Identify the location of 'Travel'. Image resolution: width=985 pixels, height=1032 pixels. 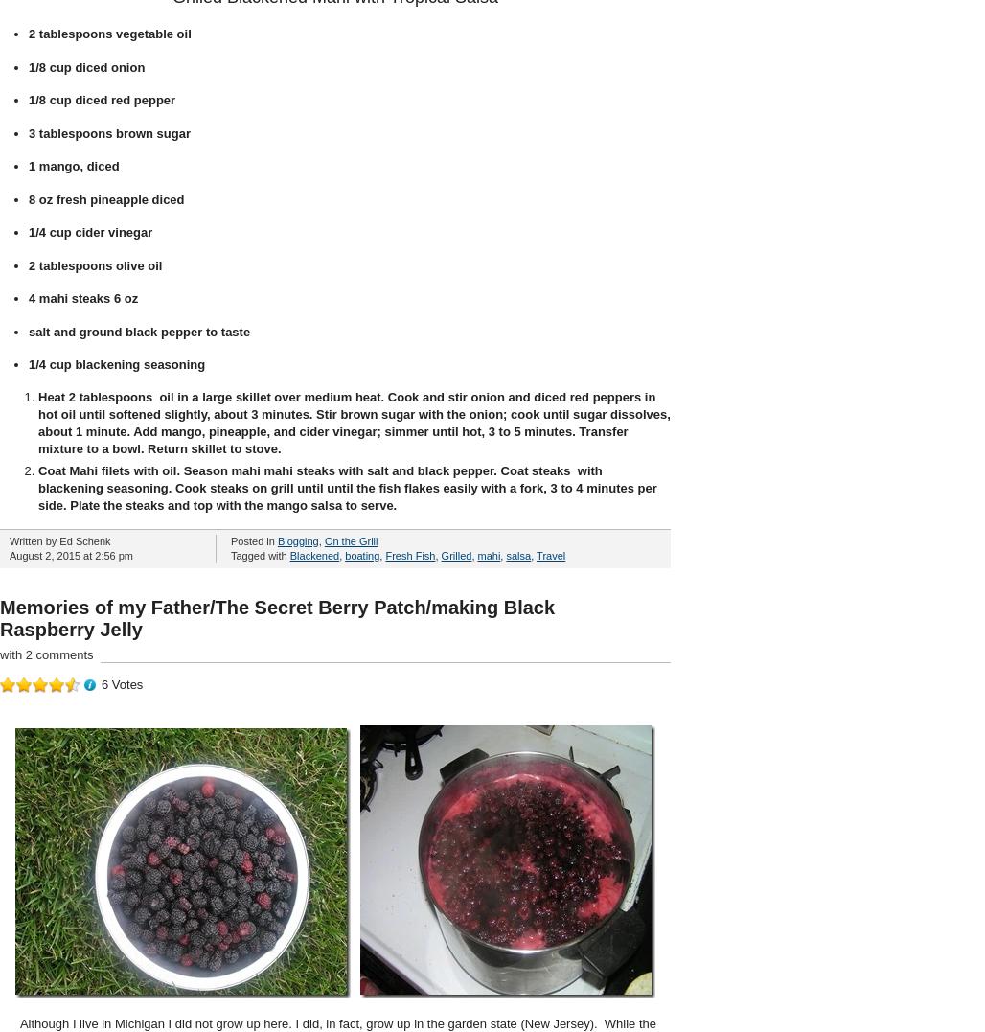
(550, 554).